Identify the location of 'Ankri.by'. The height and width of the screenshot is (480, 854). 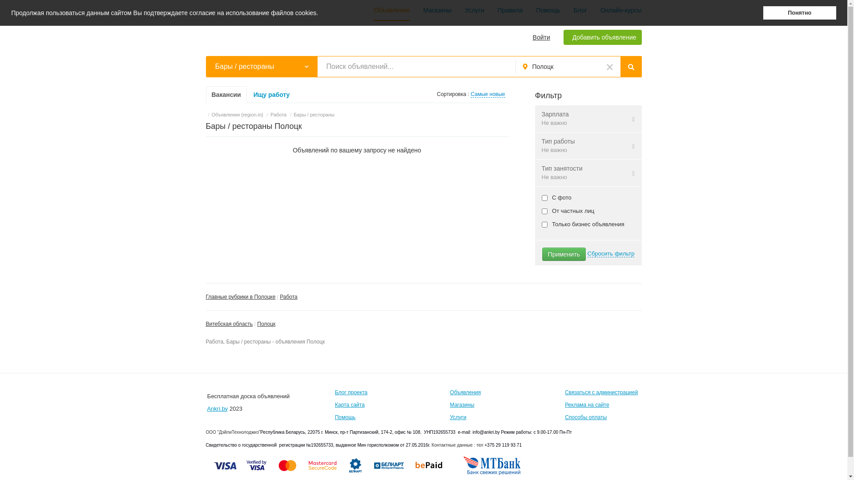
(217, 408).